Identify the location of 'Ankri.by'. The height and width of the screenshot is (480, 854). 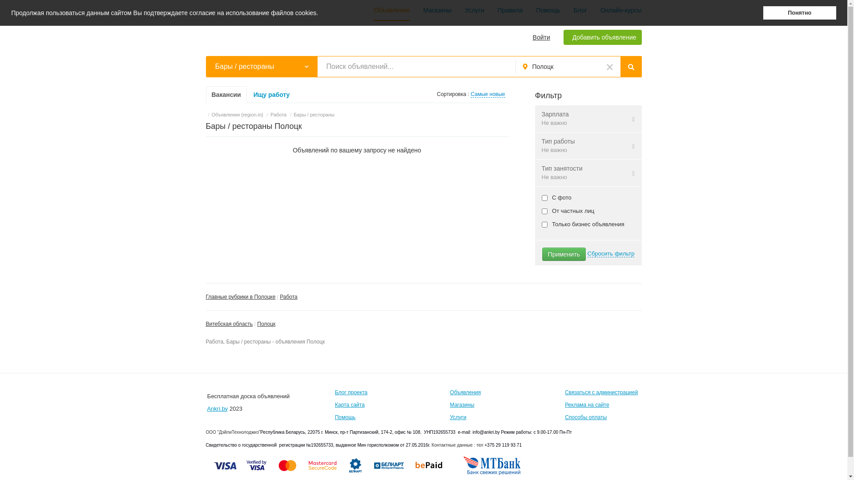
(217, 408).